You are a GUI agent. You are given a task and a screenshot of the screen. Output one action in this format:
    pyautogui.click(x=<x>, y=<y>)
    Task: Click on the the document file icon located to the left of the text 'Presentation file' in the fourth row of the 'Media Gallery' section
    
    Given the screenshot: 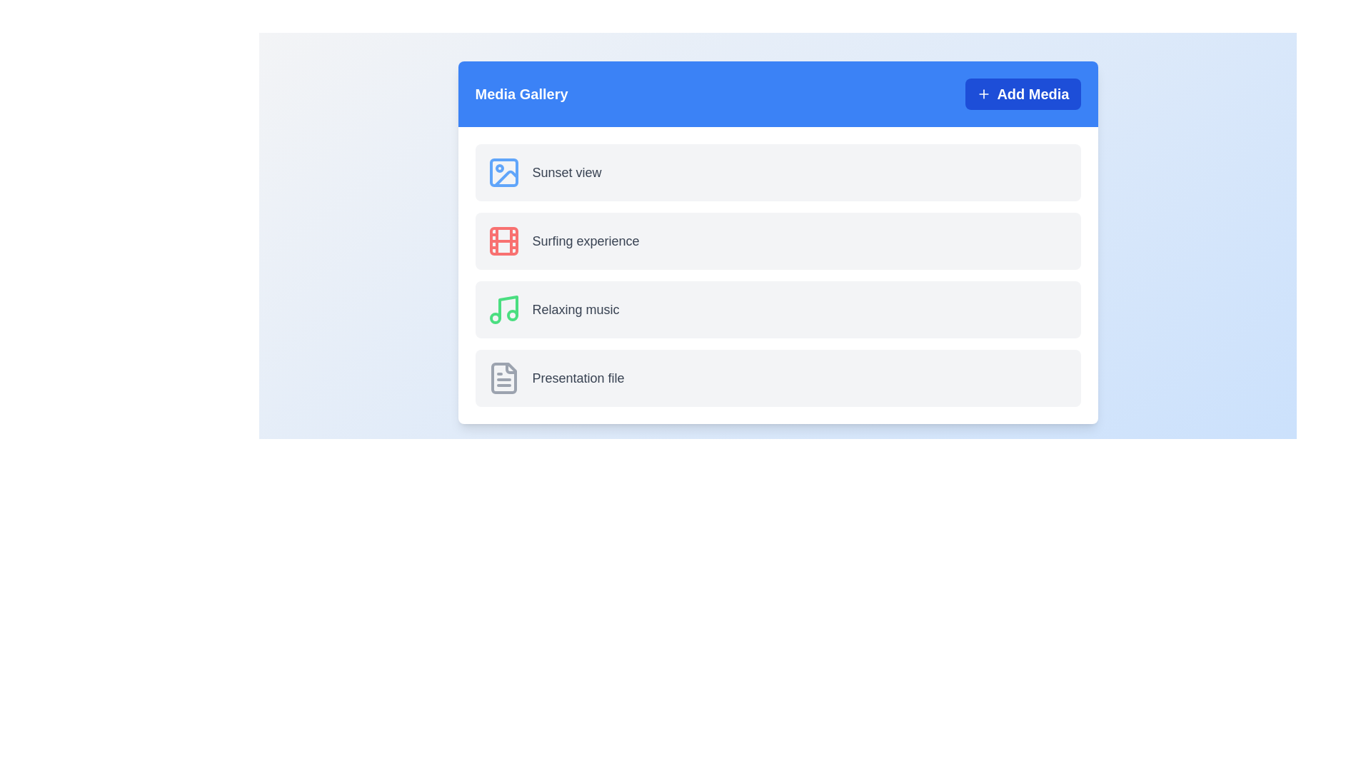 What is the action you would take?
    pyautogui.click(x=503, y=377)
    